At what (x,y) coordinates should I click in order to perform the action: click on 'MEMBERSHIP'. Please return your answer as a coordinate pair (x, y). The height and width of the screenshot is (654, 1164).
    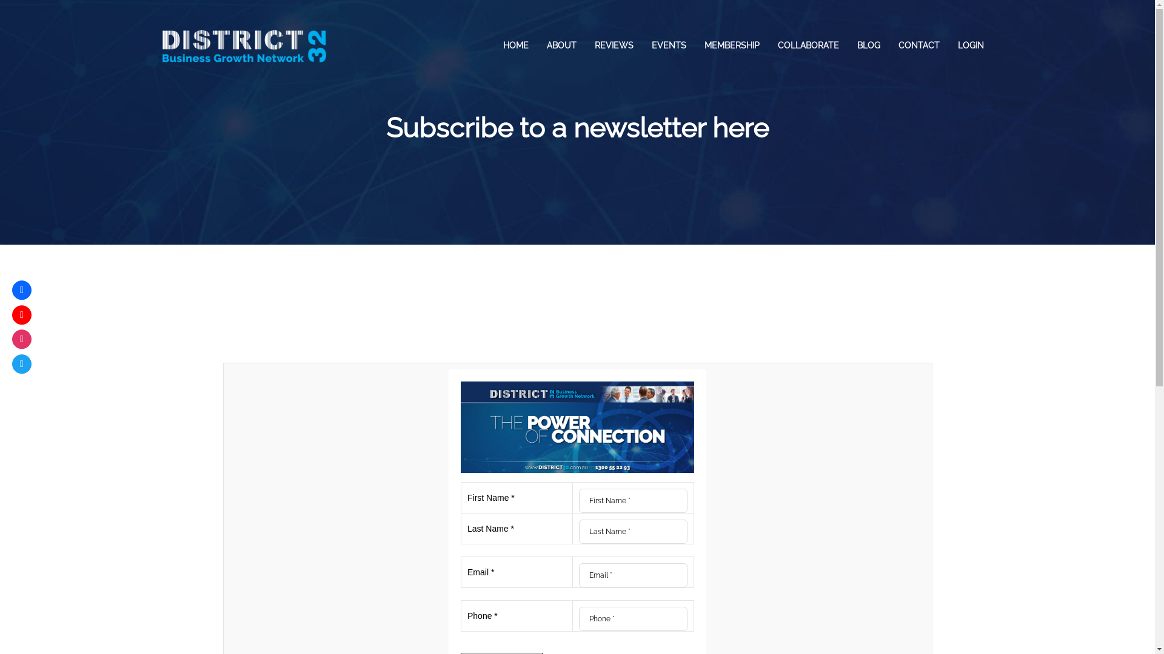
    Looking at the image, I should click on (731, 44).